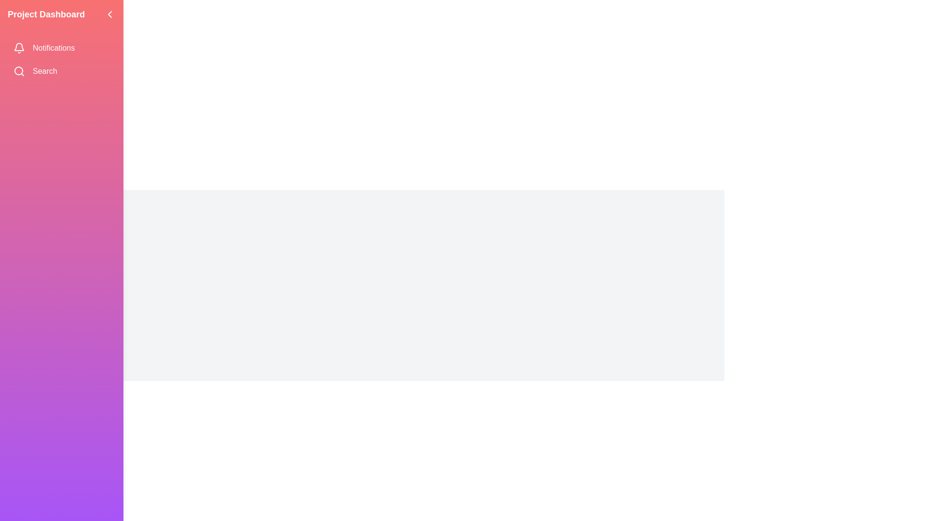 The width and height of the screenshot is (926, 521). I want to click on the 'Notifications' menu item in the sidebar, so click(61, 48).